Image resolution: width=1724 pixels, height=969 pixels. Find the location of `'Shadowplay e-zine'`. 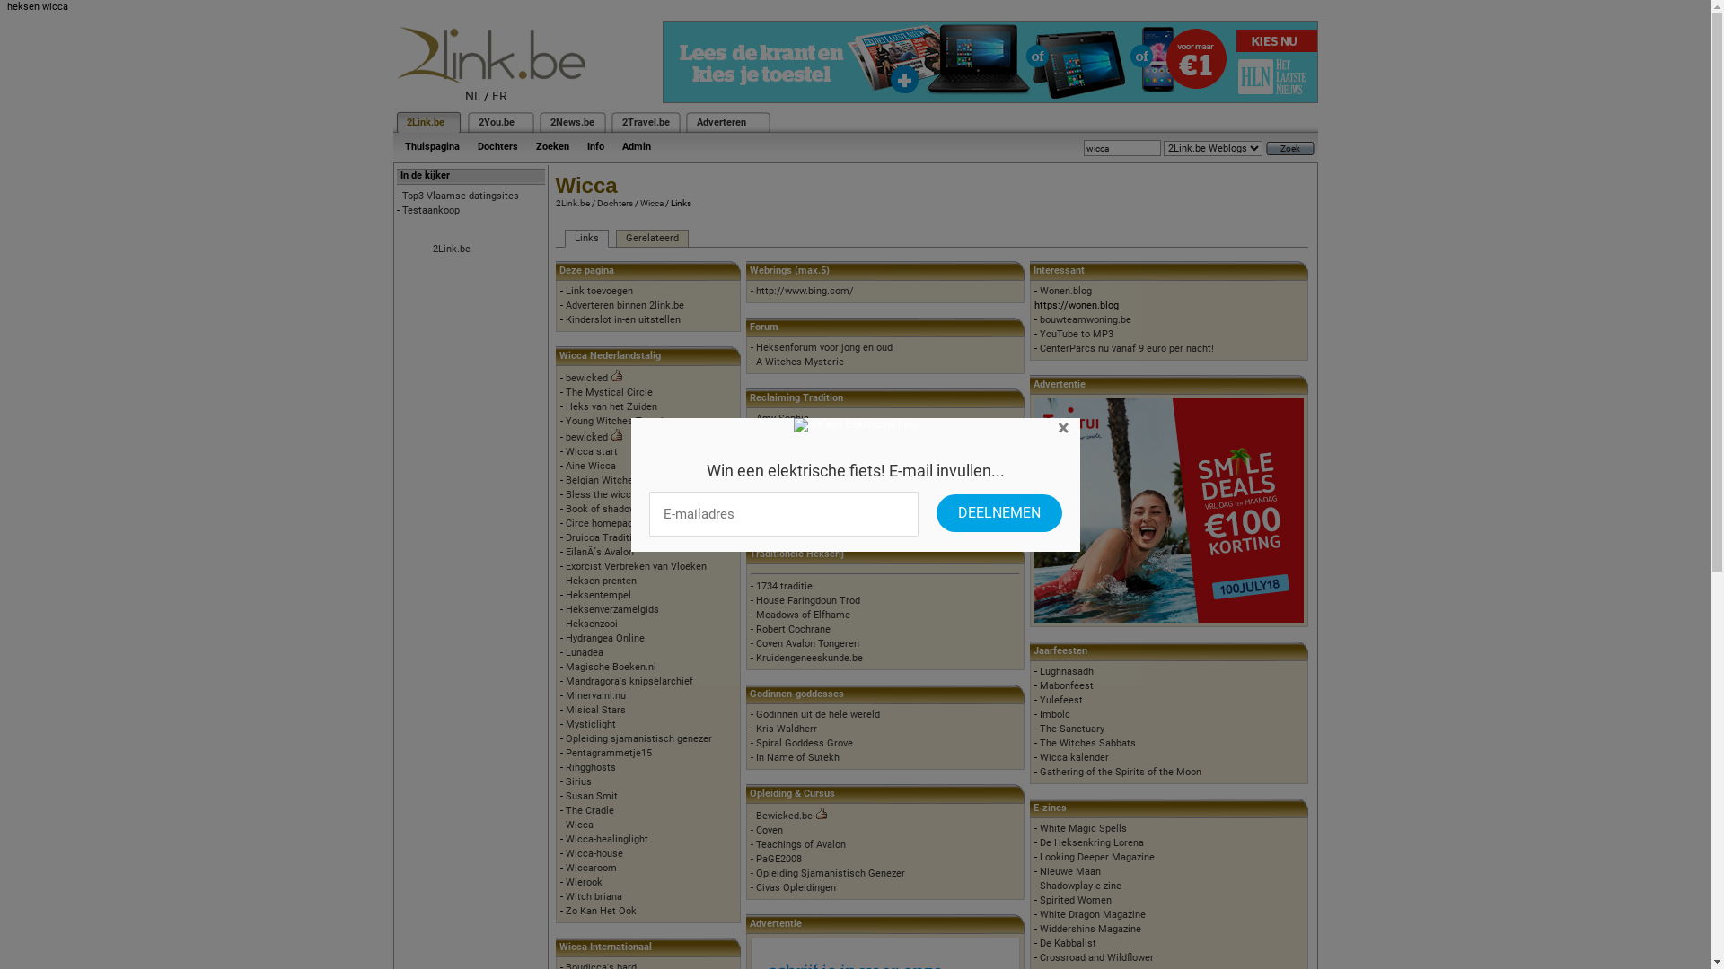

'Shadowplay e-zine' is located at coordinates (1079, 885).